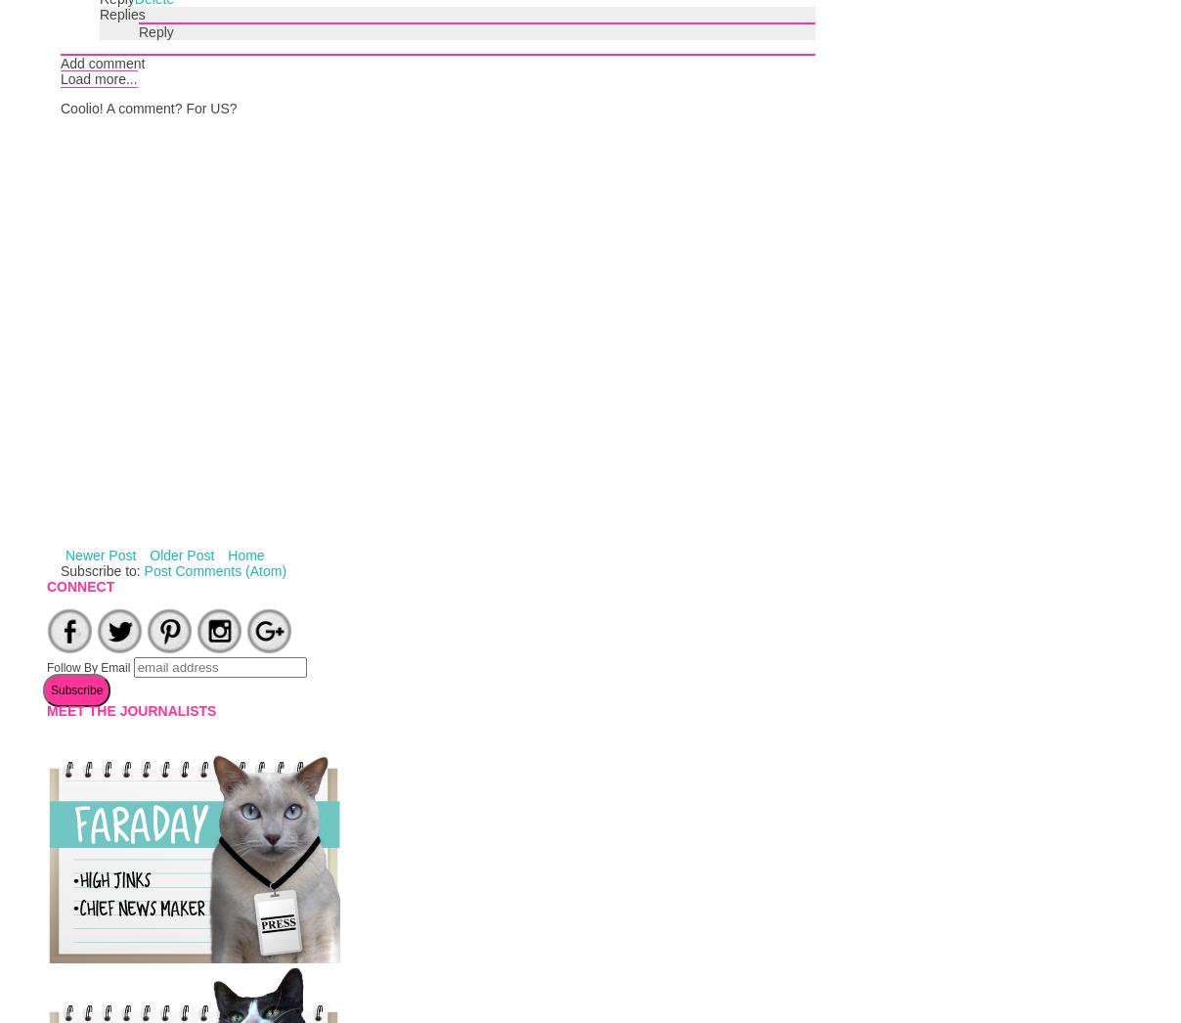  What do you see at coordinates (79, 586) in the screenshot?
I see `'CONNECT'` at bounding box center [79, 586].